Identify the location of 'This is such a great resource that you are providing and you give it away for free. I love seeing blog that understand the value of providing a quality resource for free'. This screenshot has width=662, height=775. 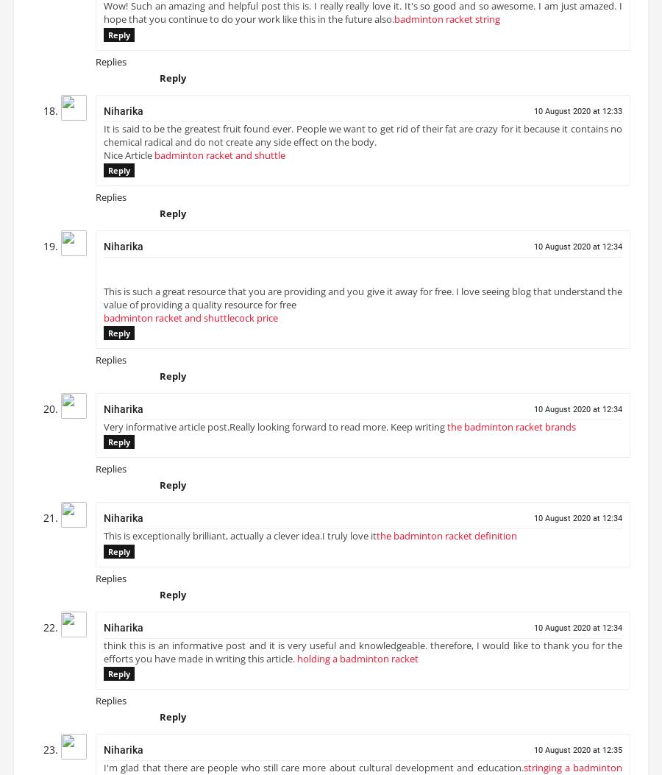
(104, 303).